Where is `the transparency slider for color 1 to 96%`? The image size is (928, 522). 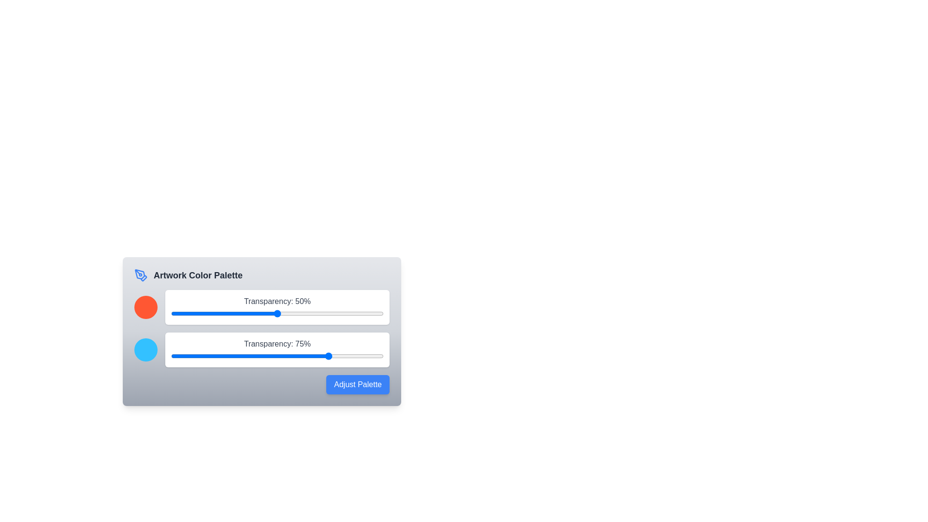 the transparency slider for color 1 to 96% is located at coordinates (375, 313).